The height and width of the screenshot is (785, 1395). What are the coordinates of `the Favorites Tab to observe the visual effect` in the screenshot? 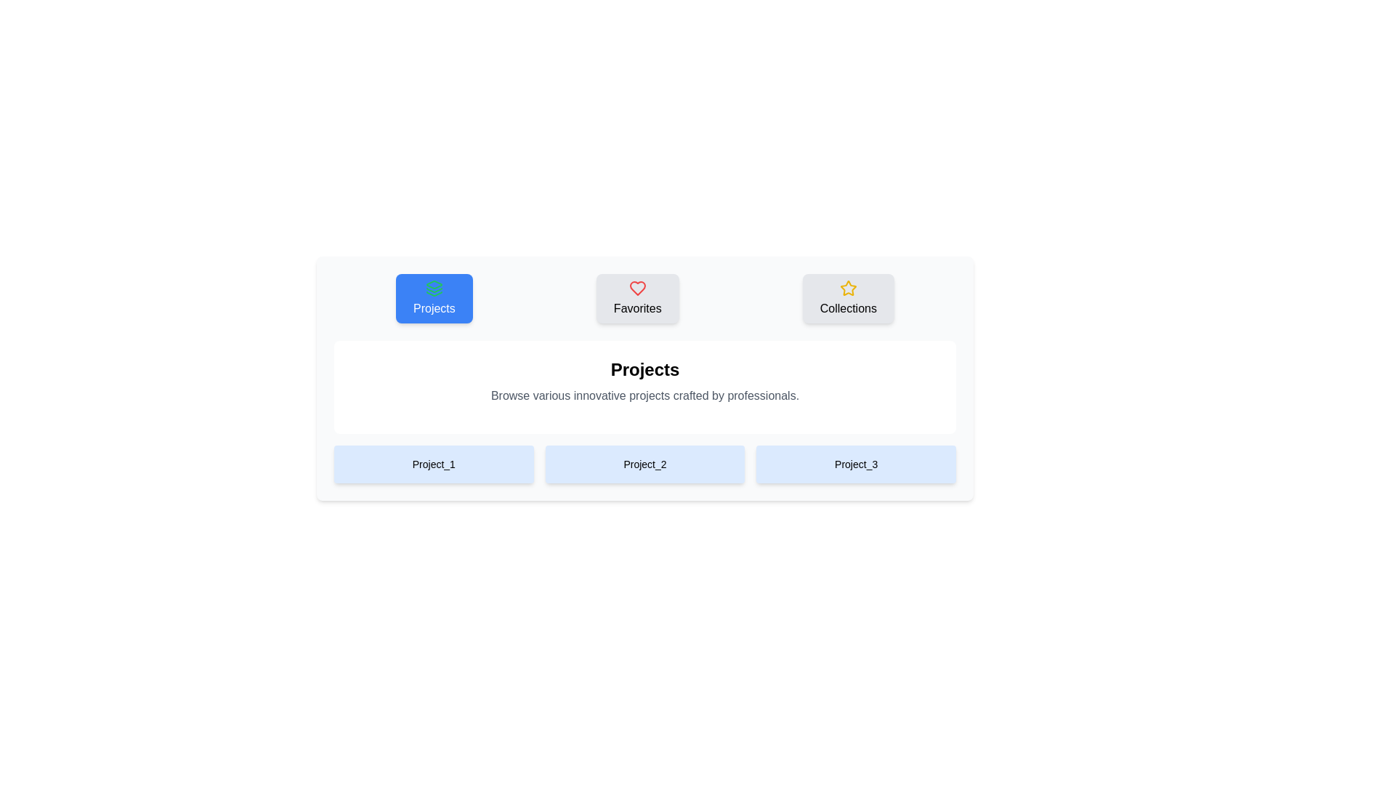 It's located at (637, 298).